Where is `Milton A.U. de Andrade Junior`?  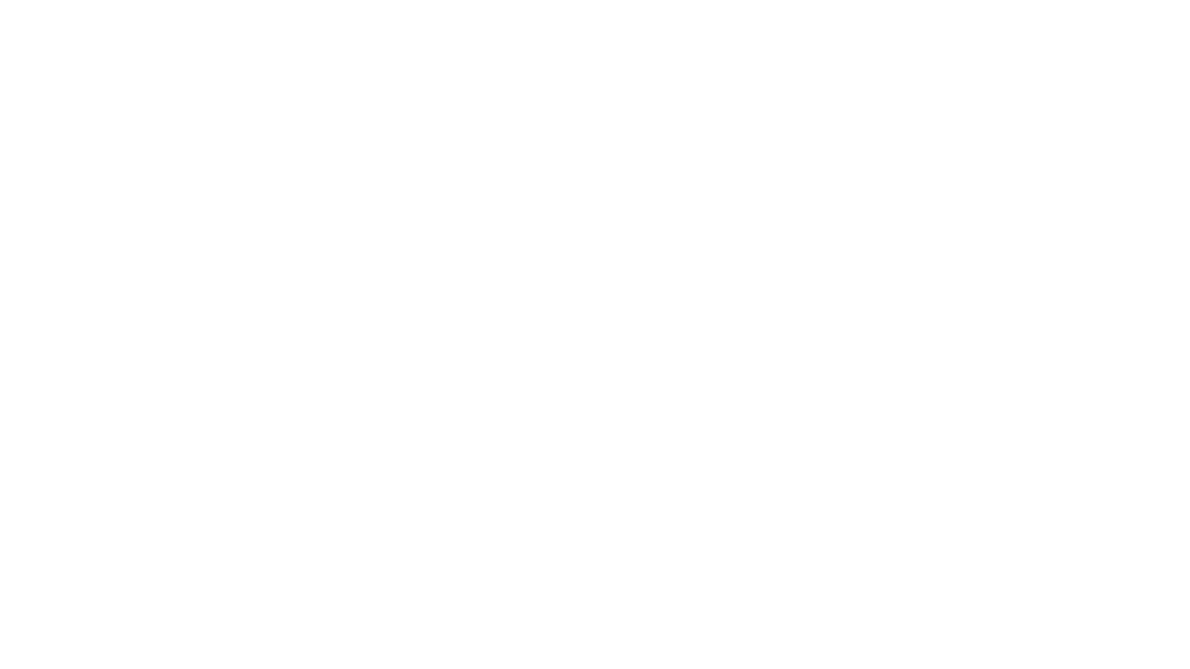
Milton A.U. de Andrade Junior is located at coordinates (434, 142).